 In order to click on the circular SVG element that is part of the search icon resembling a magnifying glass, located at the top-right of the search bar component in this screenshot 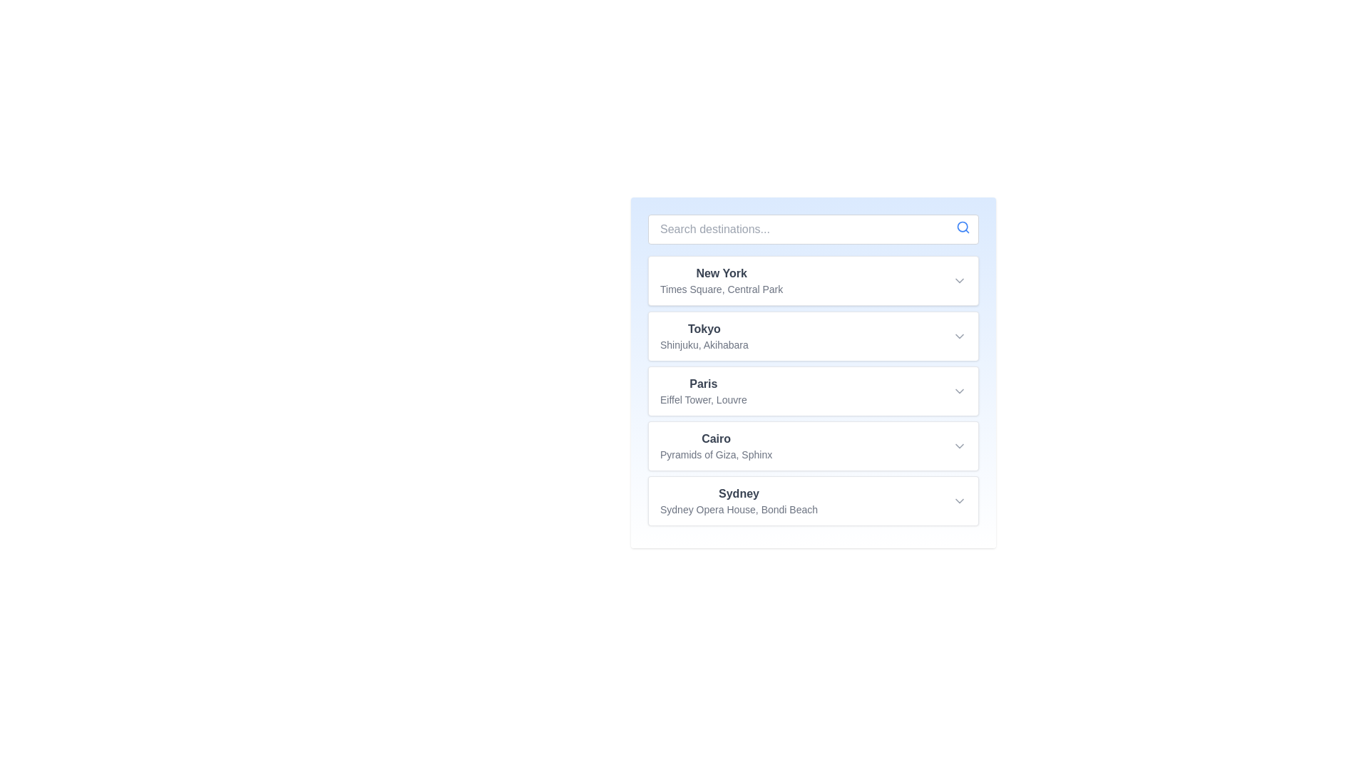, I will do `click(963, 226)`.